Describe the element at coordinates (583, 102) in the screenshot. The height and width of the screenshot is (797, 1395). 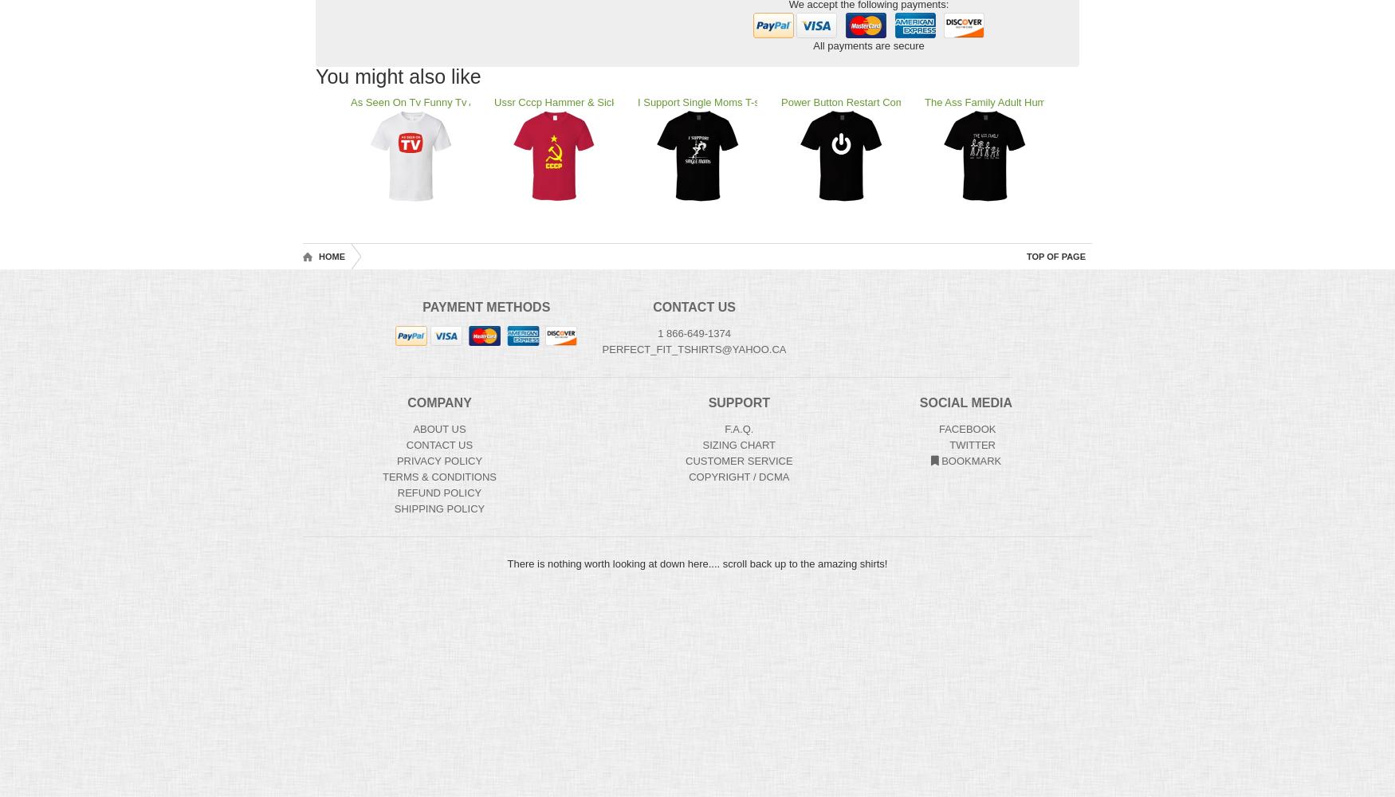
I see `'Ussr Cccp Hammer & Sickle Funny Co'` at that location.